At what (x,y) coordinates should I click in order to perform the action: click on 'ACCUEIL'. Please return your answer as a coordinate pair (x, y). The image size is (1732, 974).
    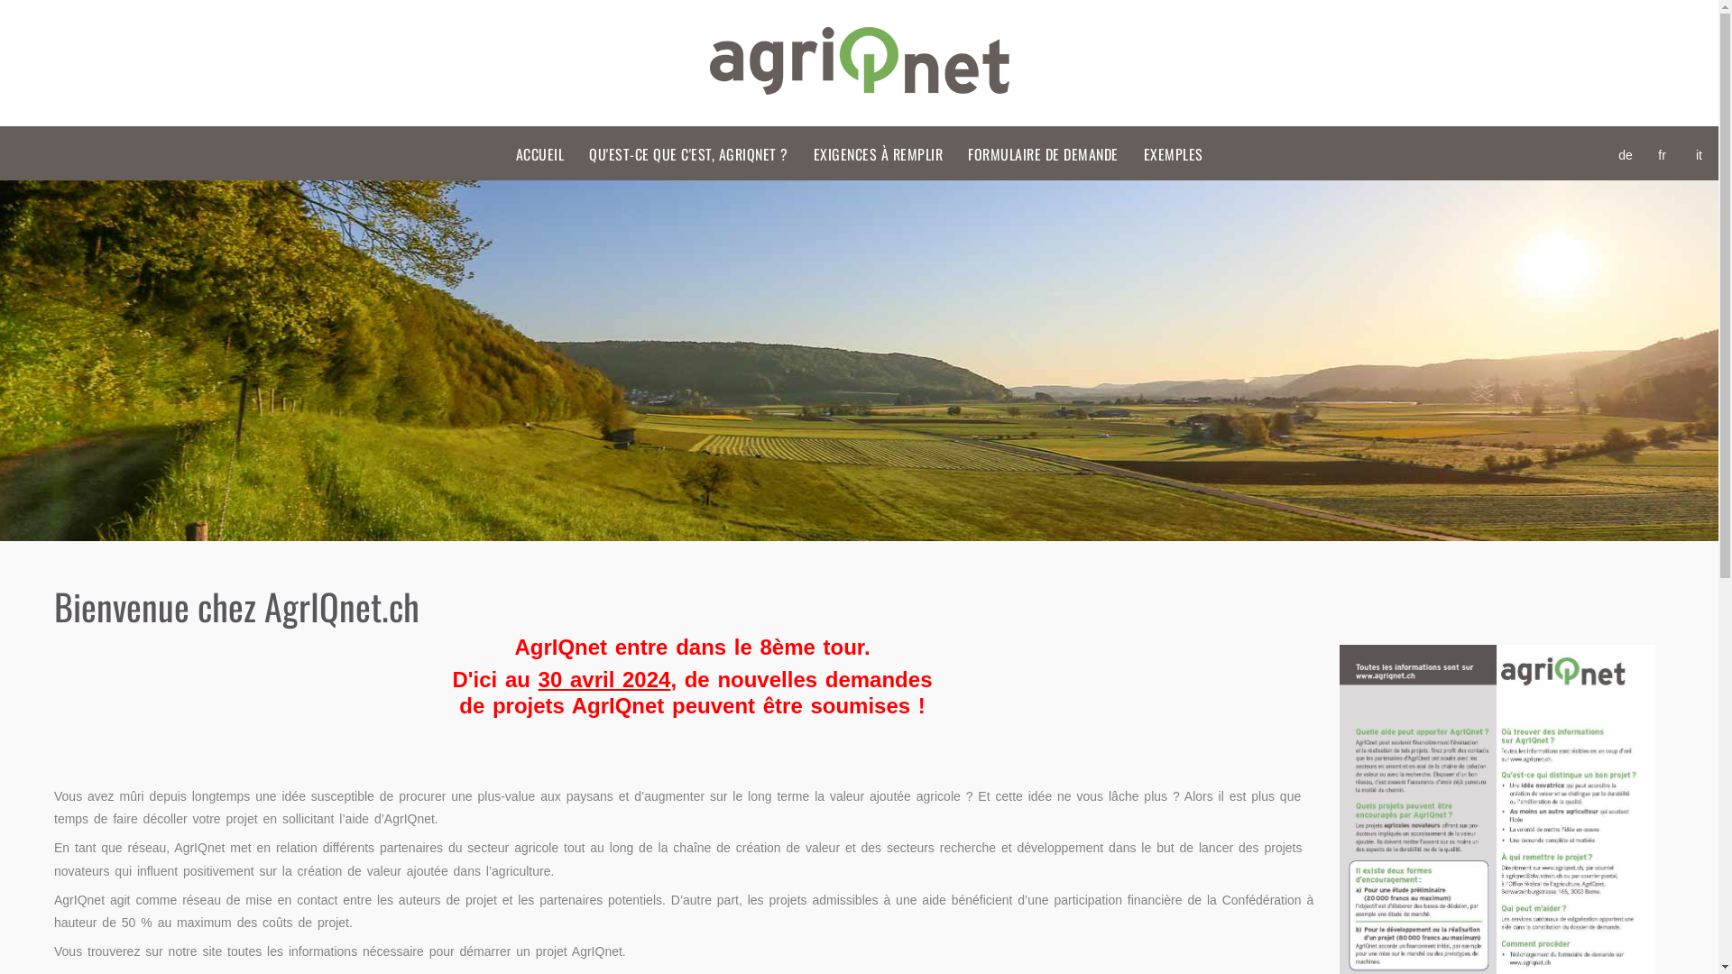
    Looking at the image, I should click on (539, 152).